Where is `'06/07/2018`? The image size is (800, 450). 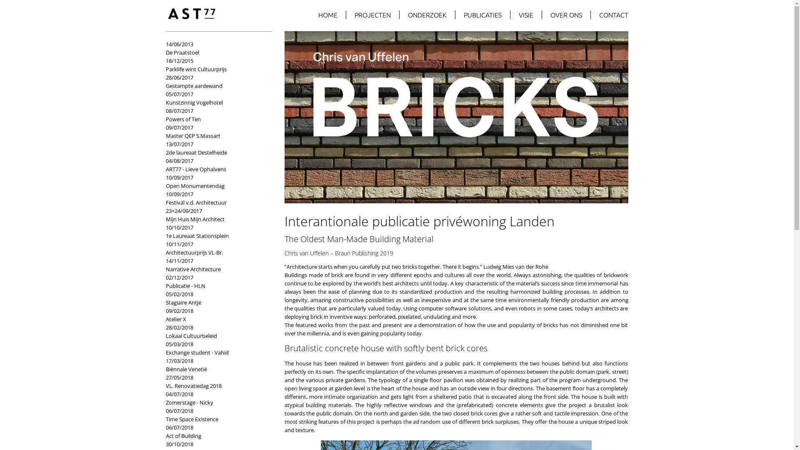 '06/07/2018 is located at coordinates (215, 431).